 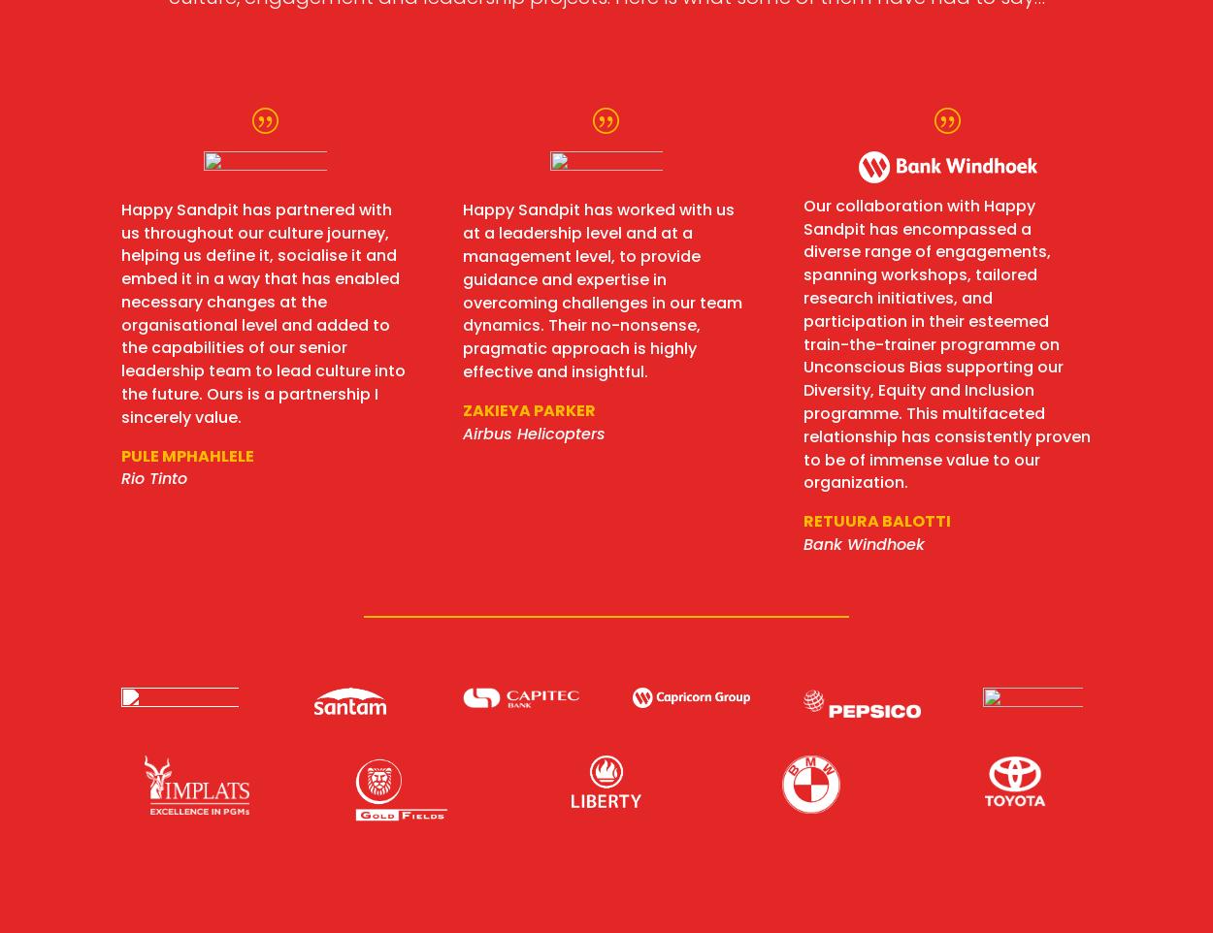 What do you see at coordinates (864, 543) in the screenshot?
I see `'Bank Windhoek'` at bounding box center [864, 543].